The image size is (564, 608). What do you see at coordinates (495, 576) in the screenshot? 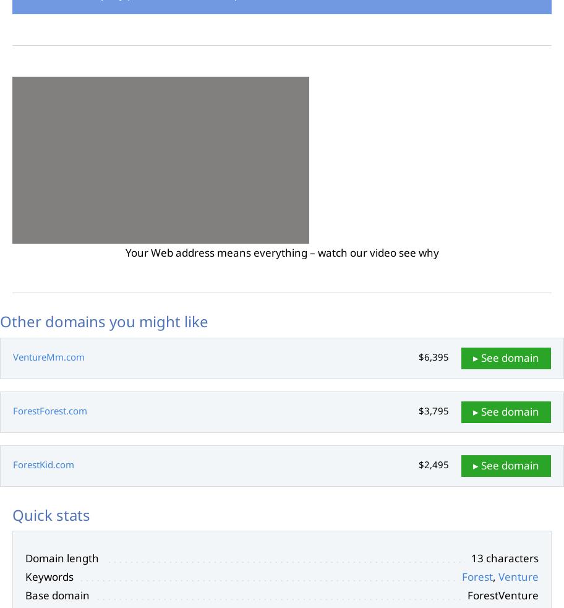
I see `','` at bounding box center [495, 576].